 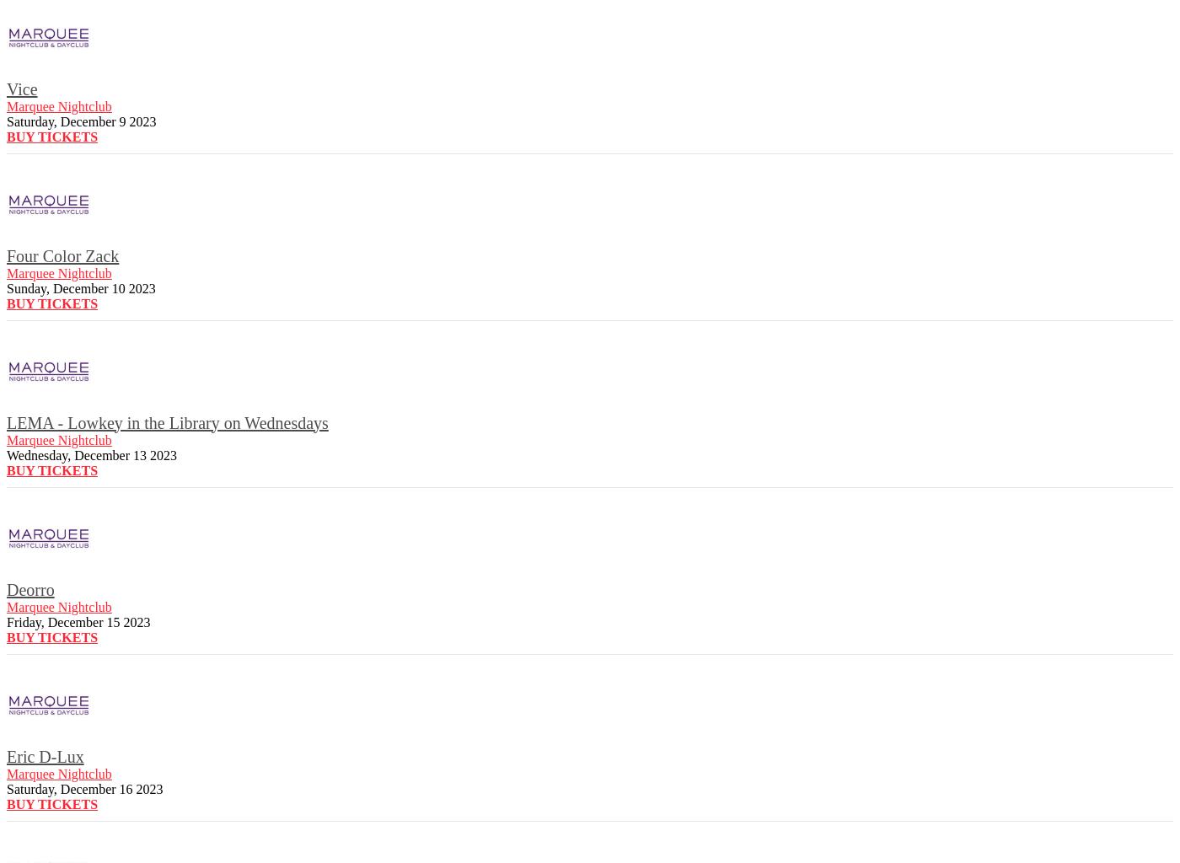 What do you see at coordinates (78, 620) in the screenshot?
I see `'Friday, December 15 2023'` at bounding box center [78, 620].